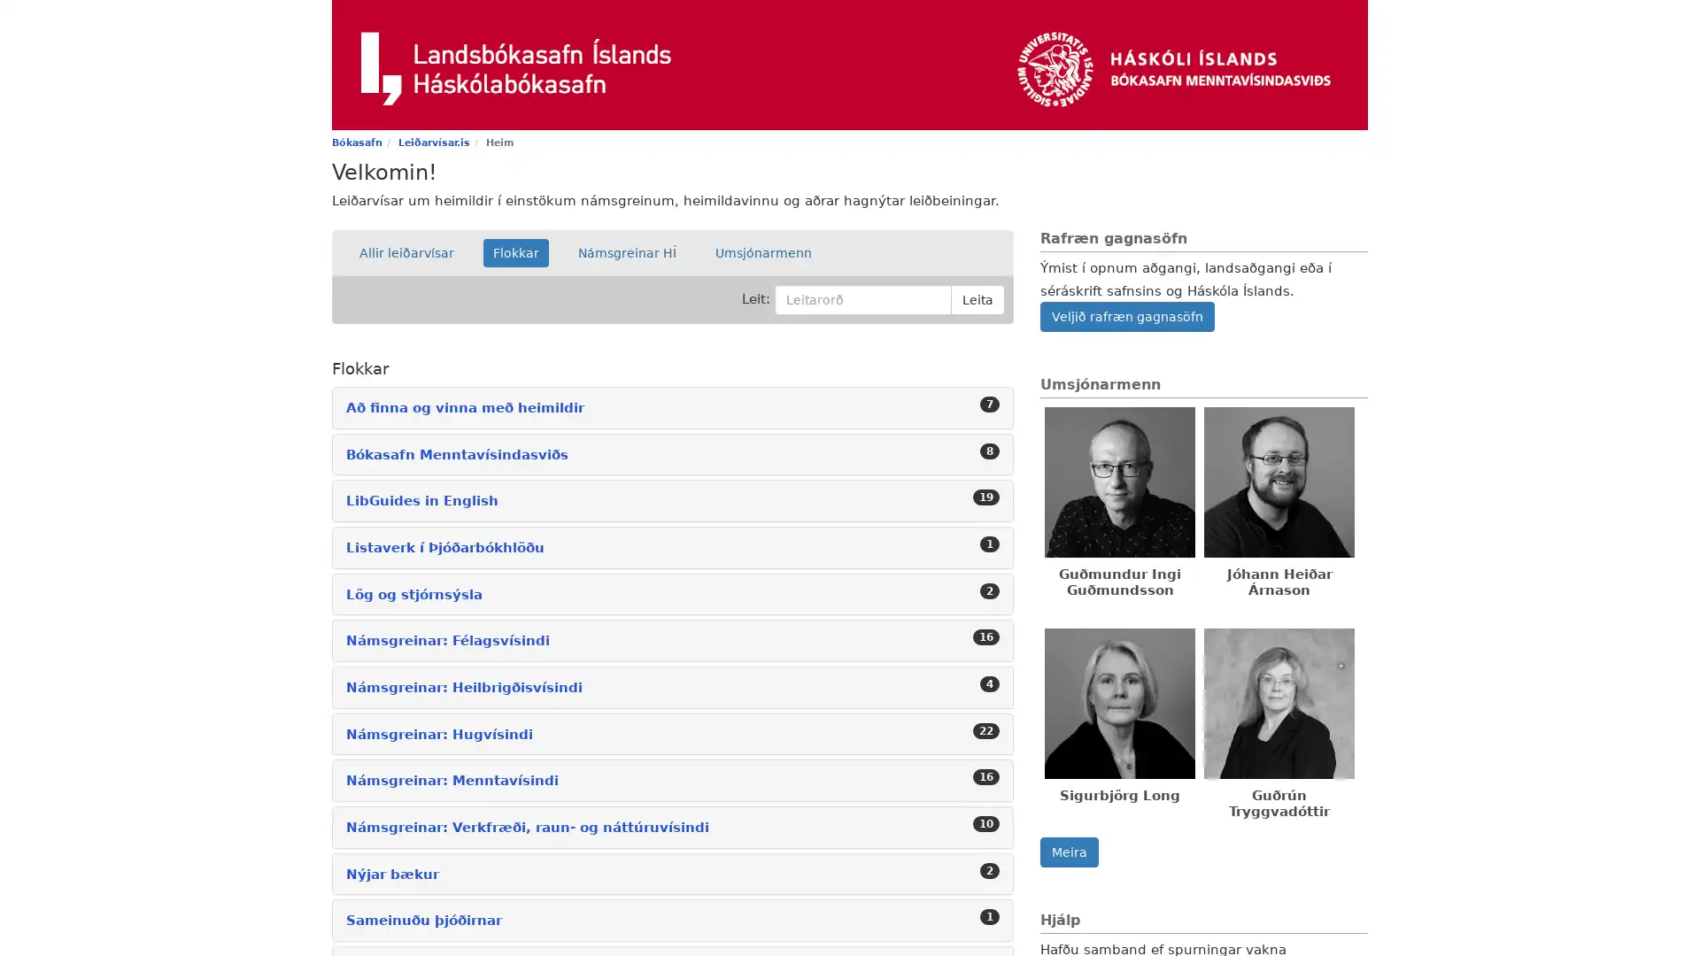 The height and width of the screenshot is (956, 1700). Describe the element at coordinates (763, 252) in the screenshot. I see `Umsjonarmenn` at that location.